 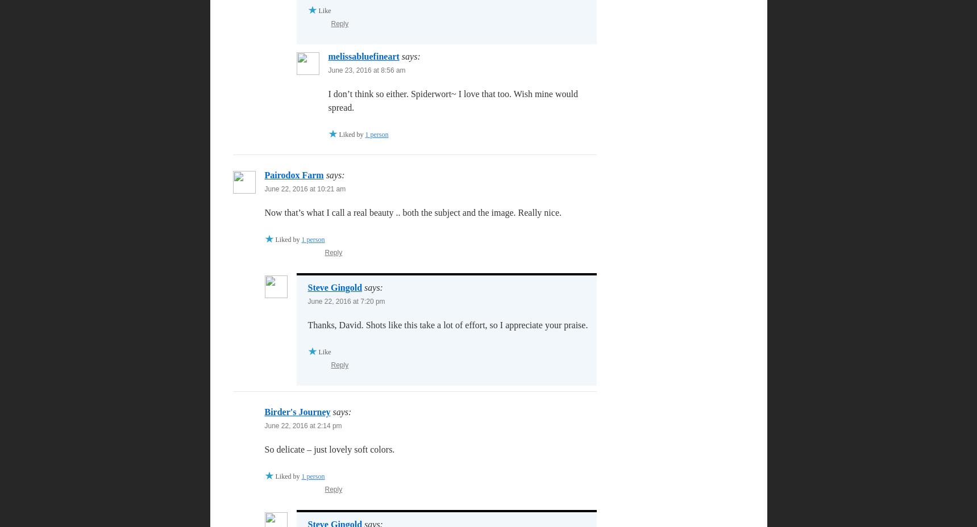 I want to click on 'Thanks, David.  Shots like this take a lot of effort, so I appreciate your praise.', so click(x=447, y=324).